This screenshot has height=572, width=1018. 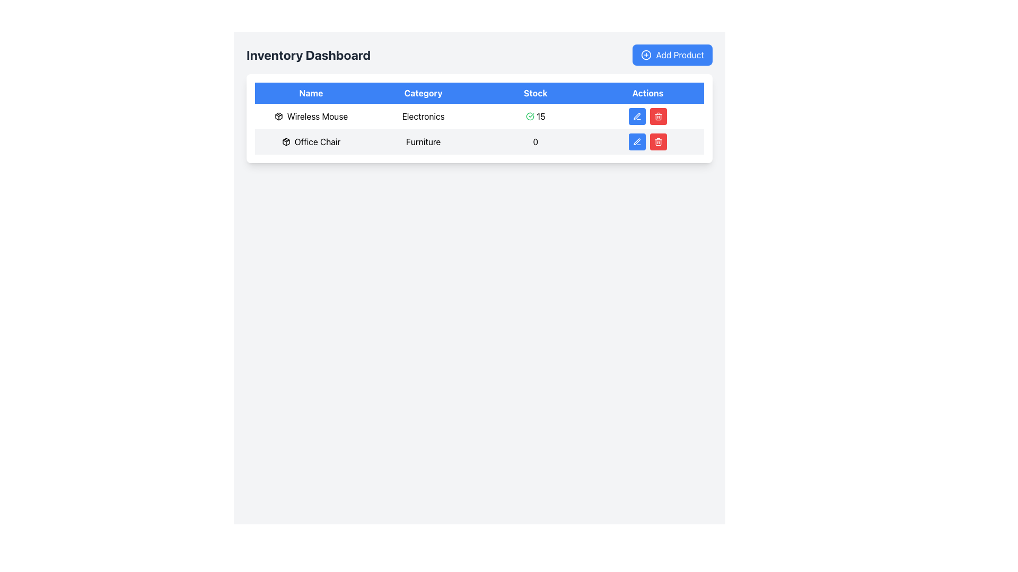 I want to click on the circular '+' icon located to the left of the 'Add Product' text within the blue button to trigger its function, so click(x=646, y=55).